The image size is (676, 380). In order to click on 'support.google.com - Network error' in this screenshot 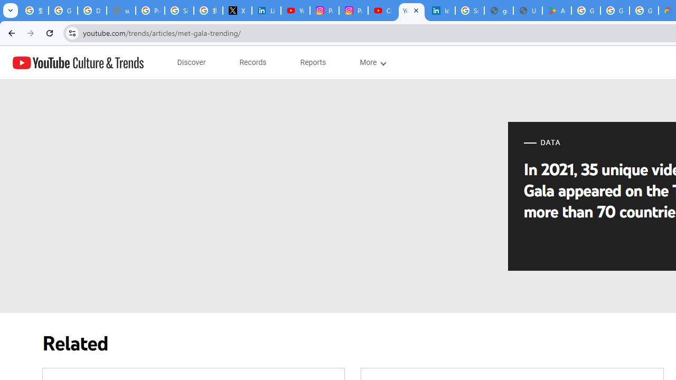, I will do `click(121, 11)`.